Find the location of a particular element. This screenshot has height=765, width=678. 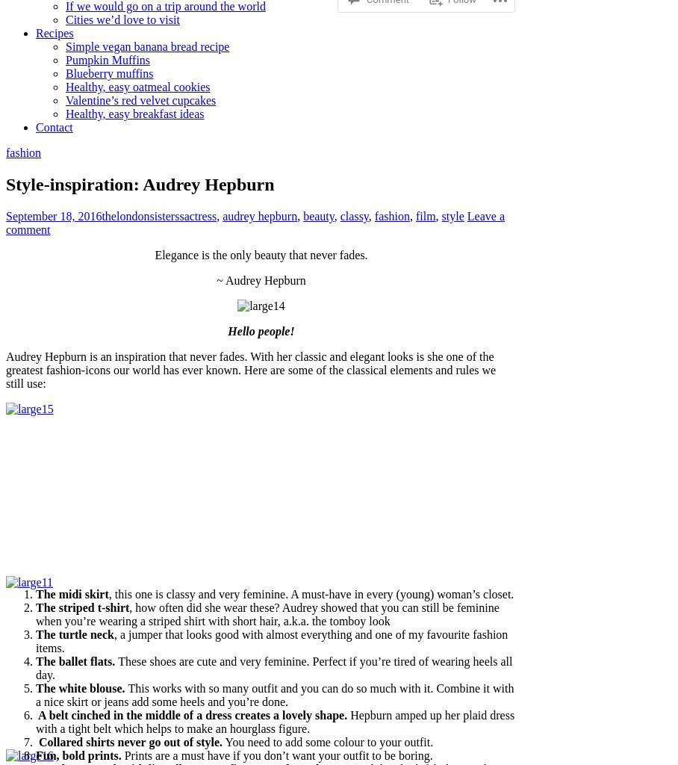

'The midi skirt' is located at coordinates (36, 593).